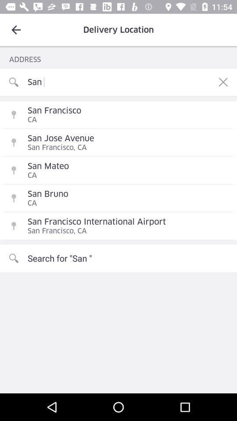 The height and width of the screenshot is (421, 237). Describe the element at coordinates (16, 30) in the screenshot. I see `the icon above address item` at that location.